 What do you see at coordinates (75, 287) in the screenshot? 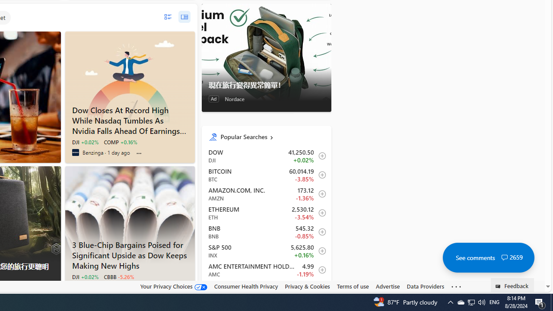
I see `'Investing.com'` at bounding box center [75, 287].